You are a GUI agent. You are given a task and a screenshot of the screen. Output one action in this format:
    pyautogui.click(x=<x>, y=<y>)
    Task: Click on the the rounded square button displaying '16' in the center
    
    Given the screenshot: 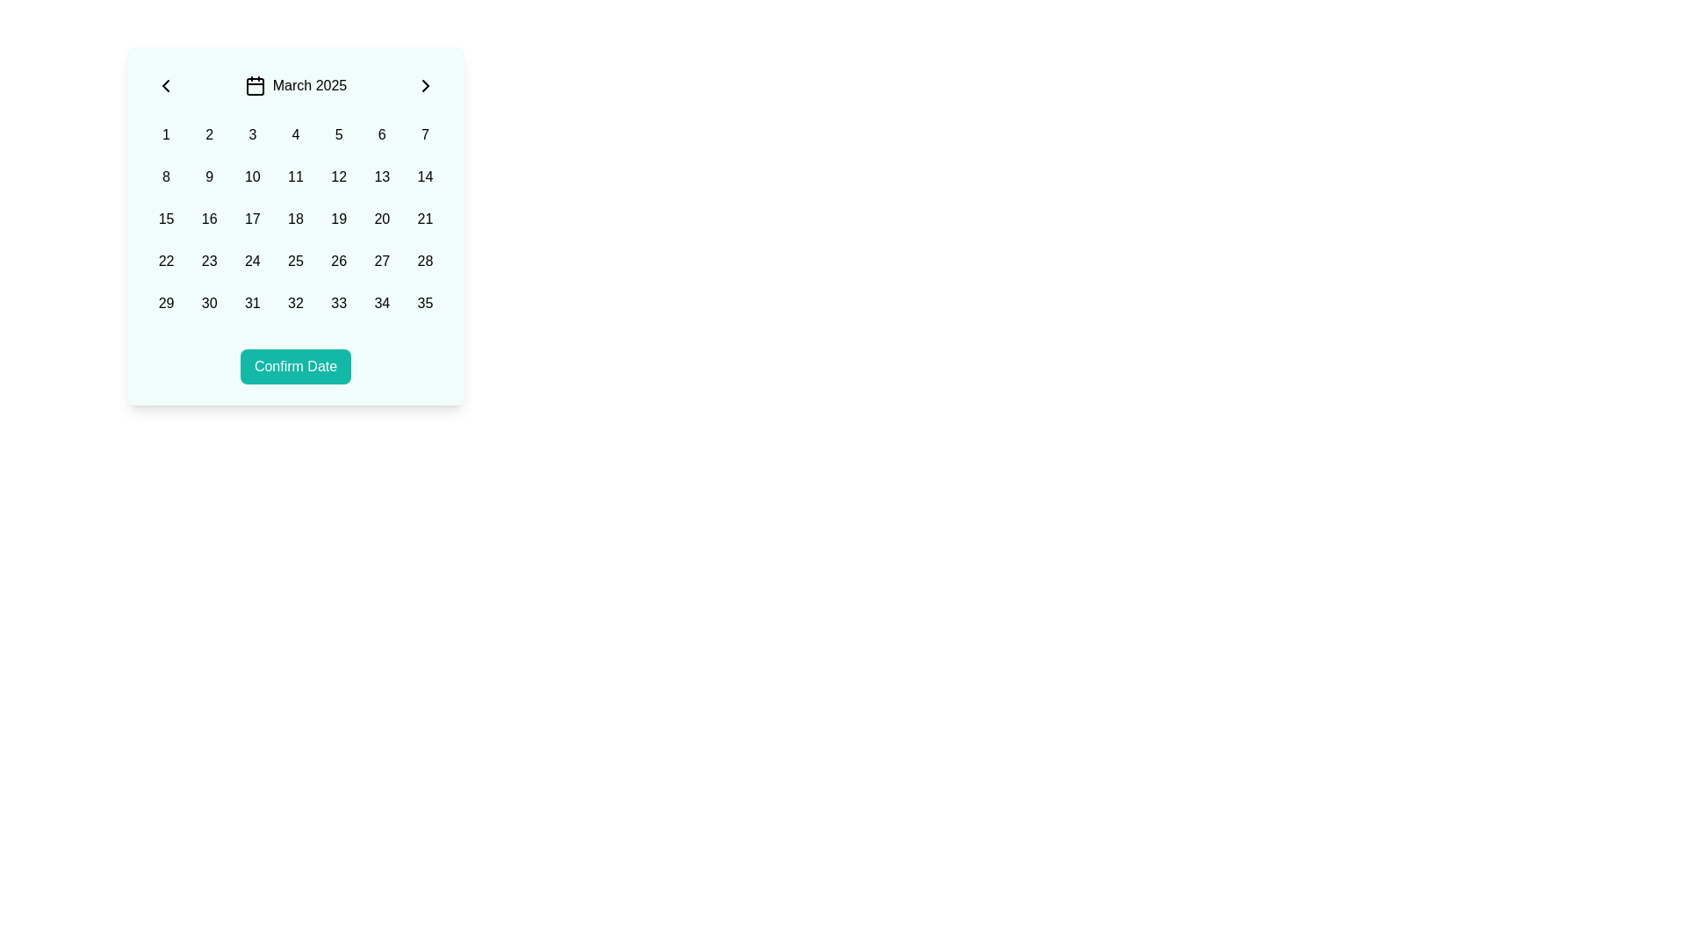 What is the action you would take?
    pyautogui.click(x=209, y=219)
    